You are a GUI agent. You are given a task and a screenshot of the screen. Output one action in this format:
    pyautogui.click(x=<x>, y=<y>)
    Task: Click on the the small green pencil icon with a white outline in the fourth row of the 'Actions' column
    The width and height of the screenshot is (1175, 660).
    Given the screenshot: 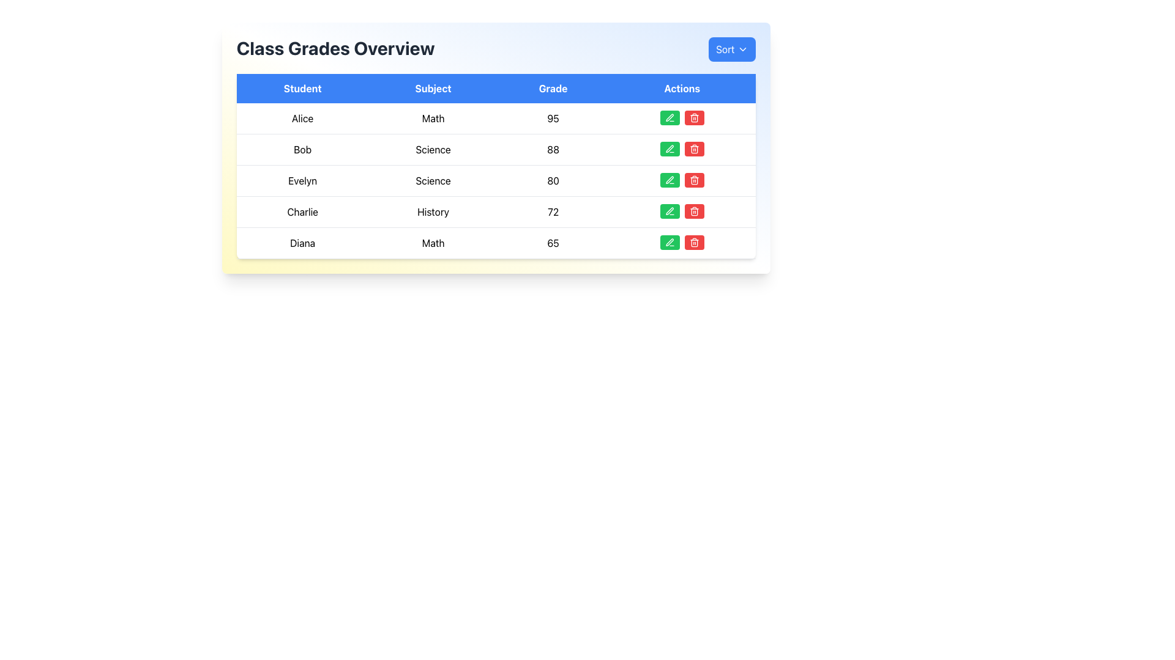 What is the action you would take?
    pyautogui.click(x=669, y=148)
    